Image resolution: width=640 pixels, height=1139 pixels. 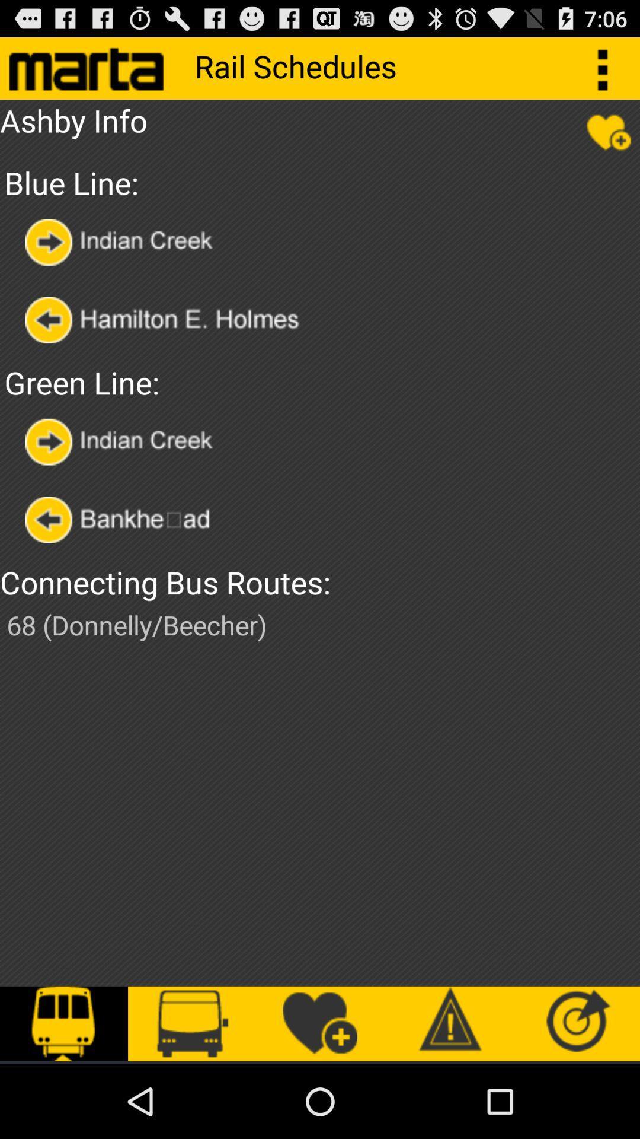 I want to click on check the schedule, so click(x=128, y=520).